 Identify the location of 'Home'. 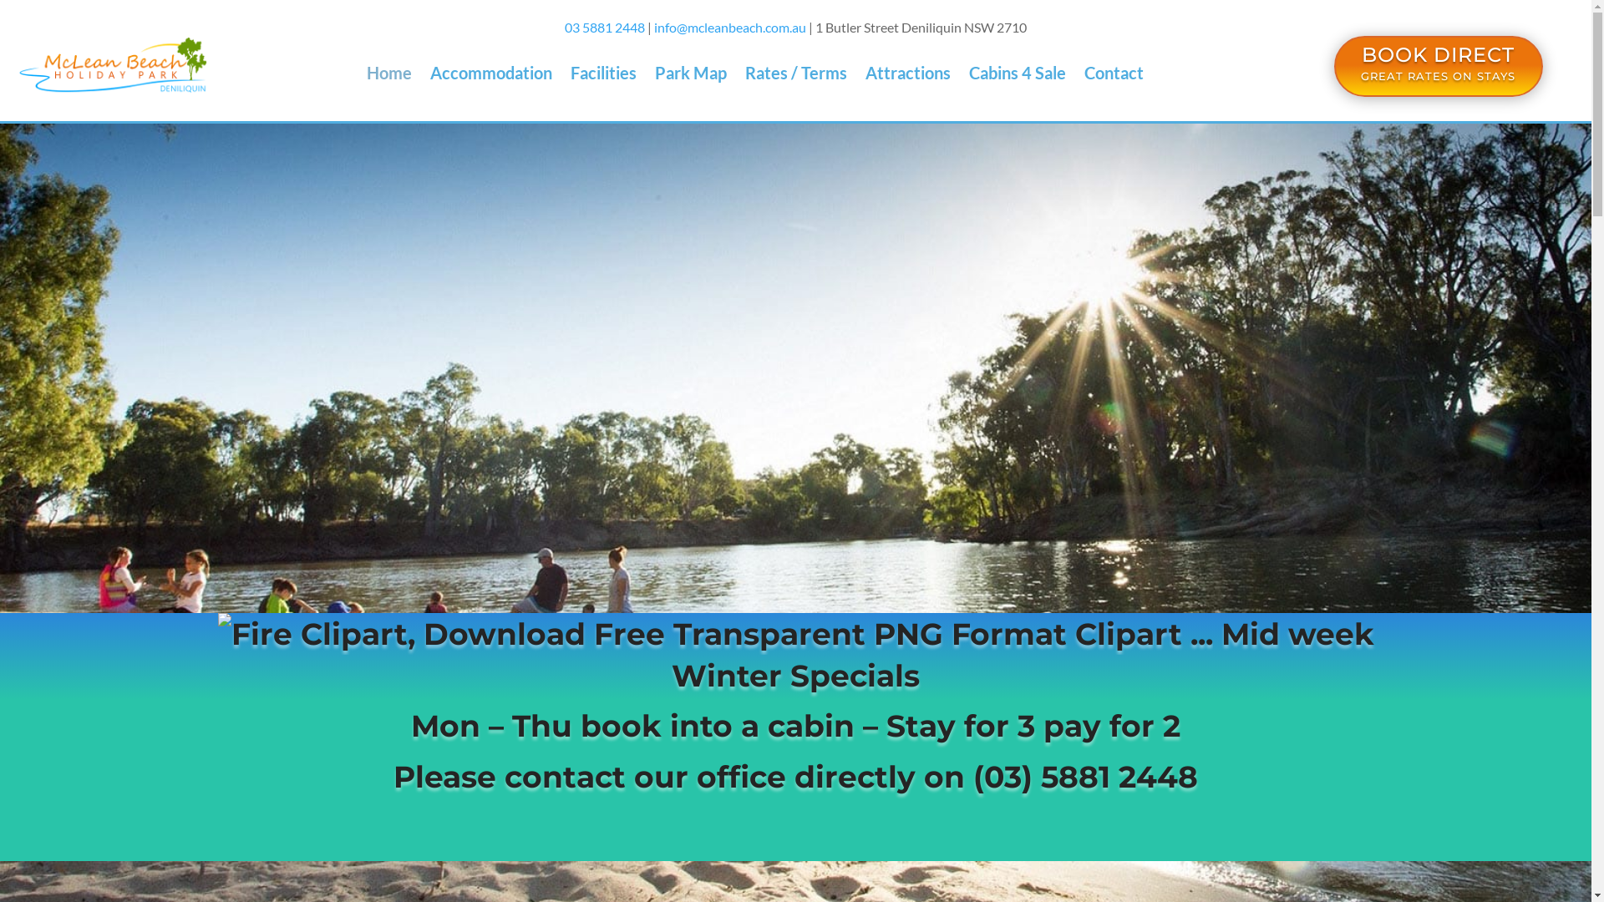
(365, 76).